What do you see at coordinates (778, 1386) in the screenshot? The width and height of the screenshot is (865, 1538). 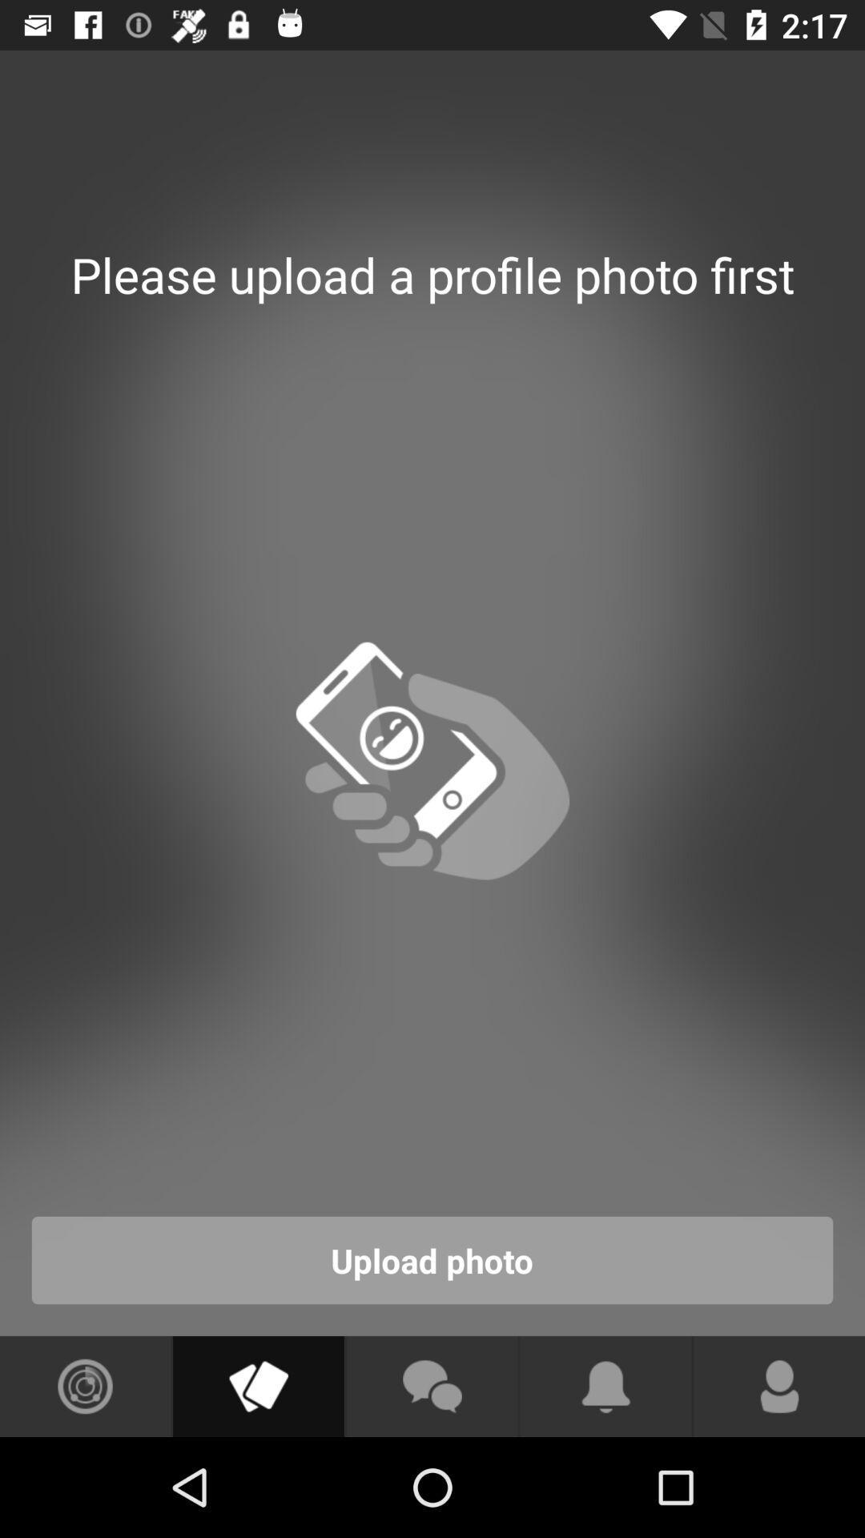 I see `profile option` at bounding box center [778, 1386].